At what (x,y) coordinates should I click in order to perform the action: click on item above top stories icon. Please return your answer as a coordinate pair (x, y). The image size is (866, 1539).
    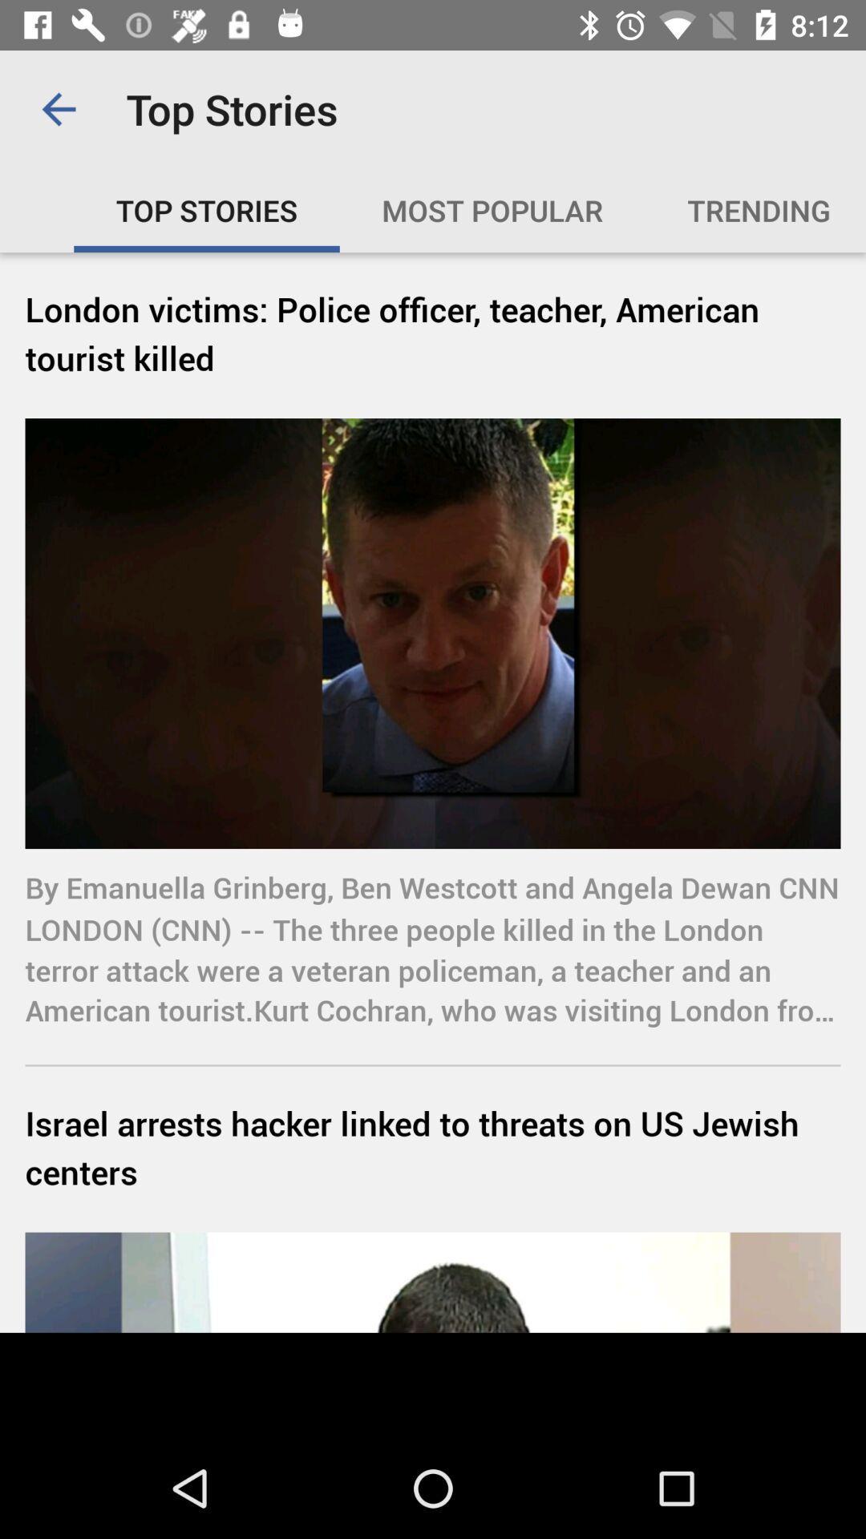
    Looking at the image, I should click on (58, 108).